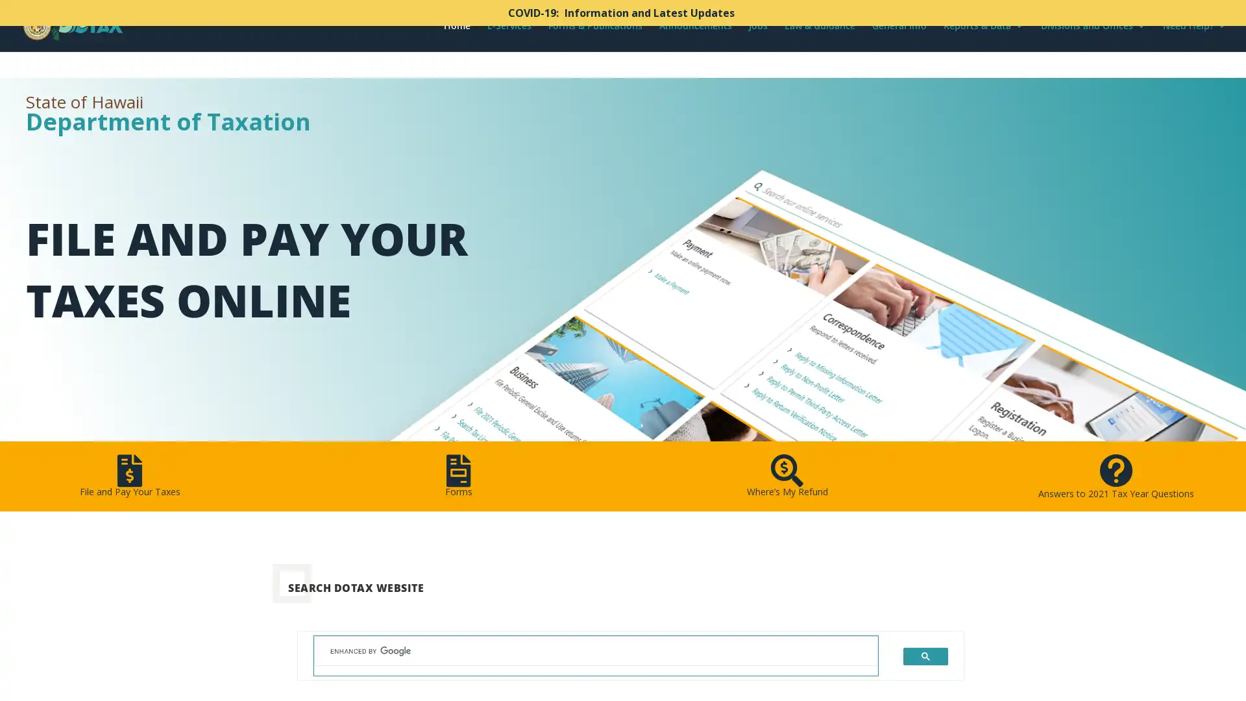 The image size is (1246, 701). I want to click on search, so click(925, 656).